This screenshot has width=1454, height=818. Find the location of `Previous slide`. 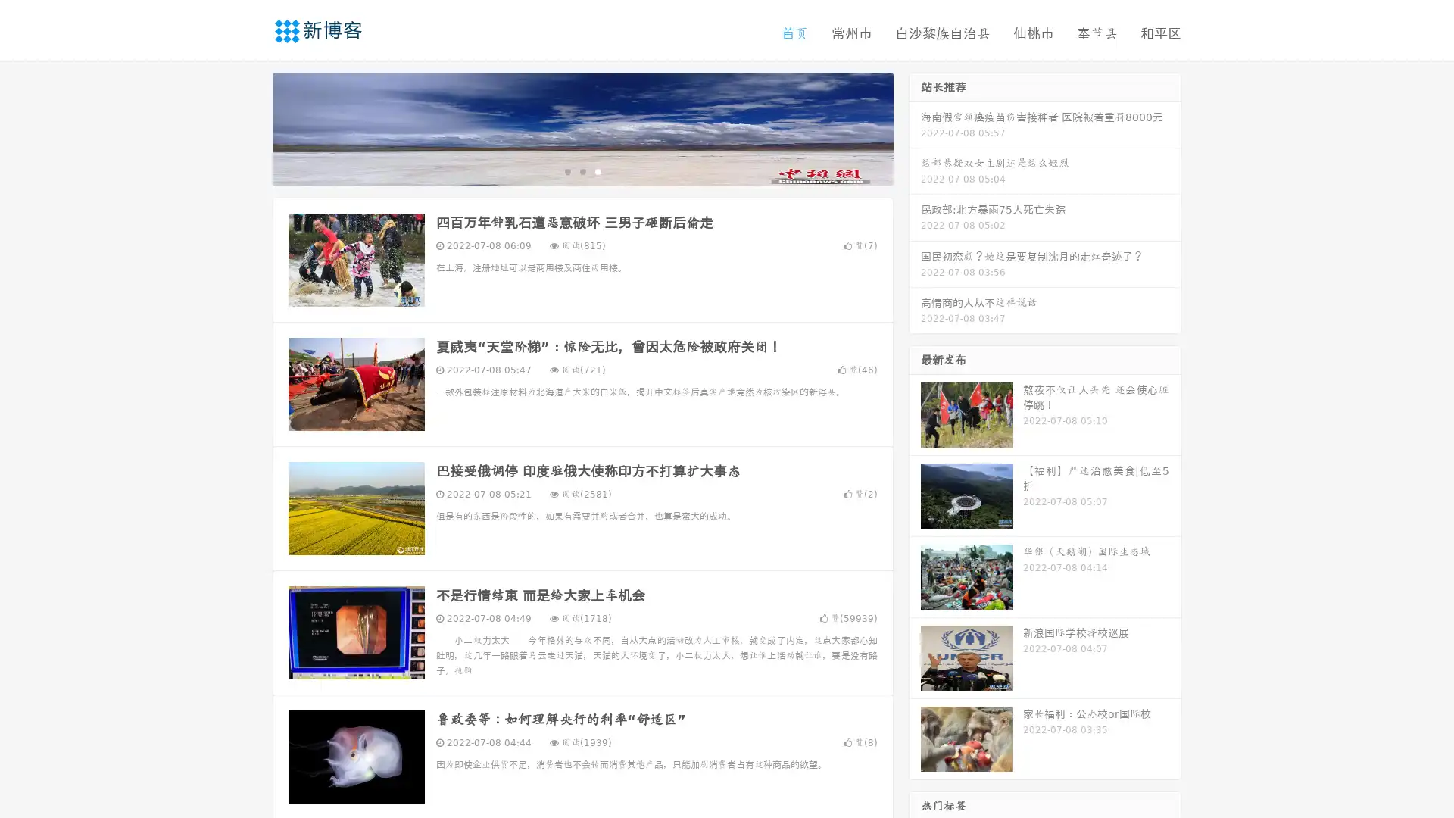

Previous slide is located at coordinates (250, 127).